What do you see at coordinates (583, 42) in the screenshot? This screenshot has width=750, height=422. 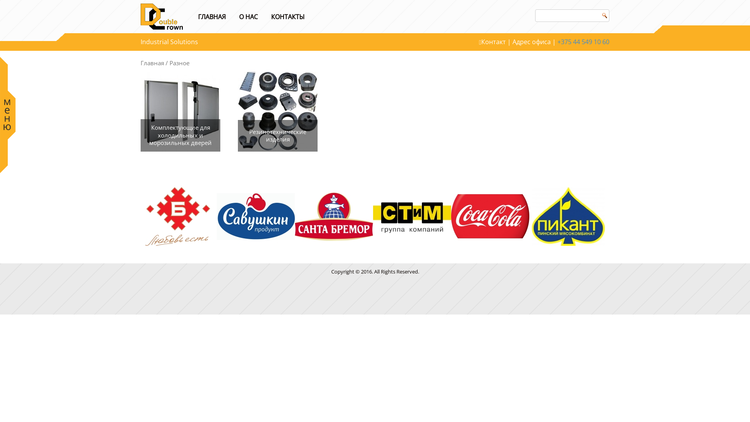 I see `'+375 44 549 10 60'` at bounding box center [583, 42].